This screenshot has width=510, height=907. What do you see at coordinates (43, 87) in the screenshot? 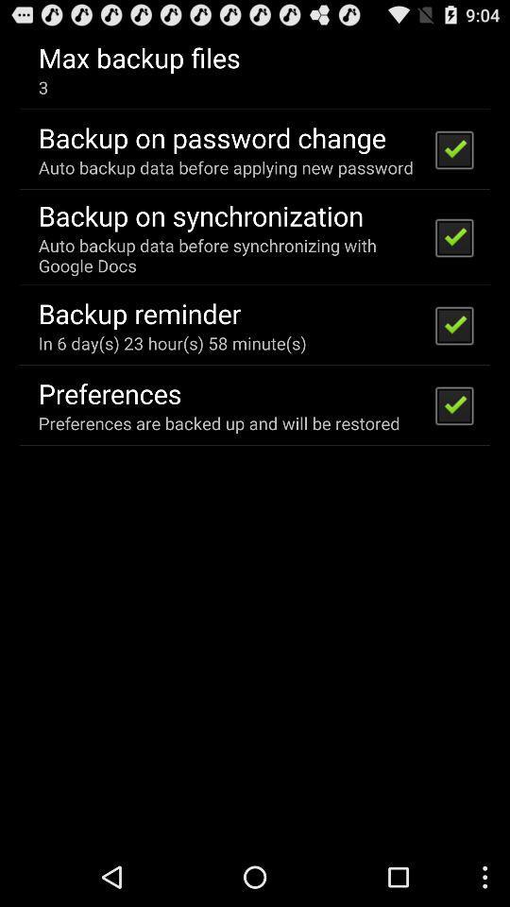
I see `the item above backup on password` at bounding box center [43, 87].